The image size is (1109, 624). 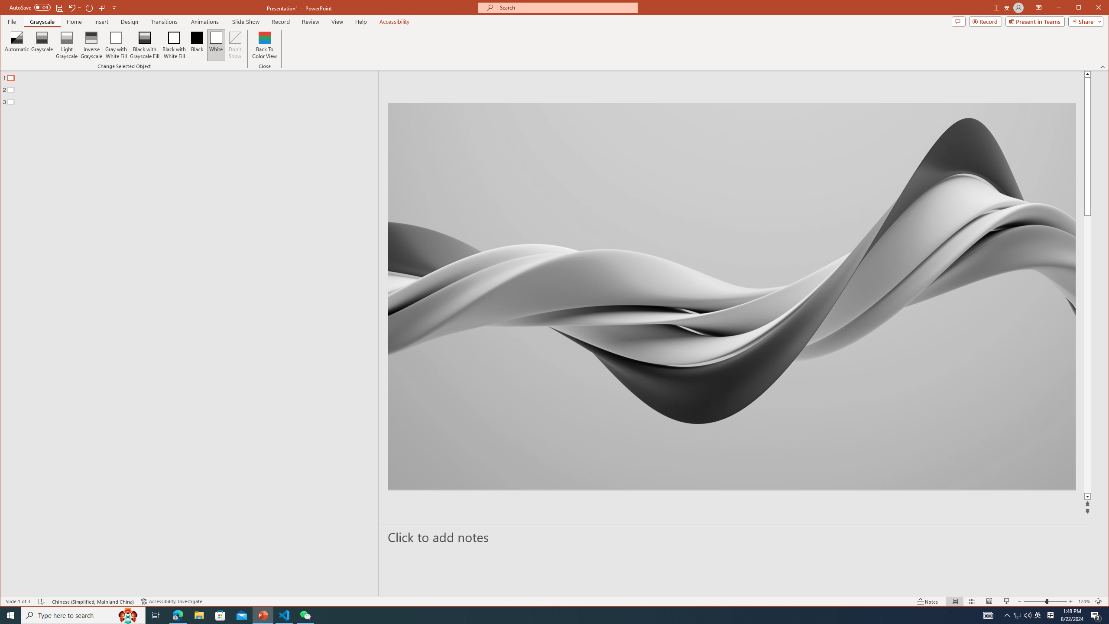 What do you see at coordinates (16, 45) in the screenshot?
I see `'Automatic'` at bounding box center [16, 45].